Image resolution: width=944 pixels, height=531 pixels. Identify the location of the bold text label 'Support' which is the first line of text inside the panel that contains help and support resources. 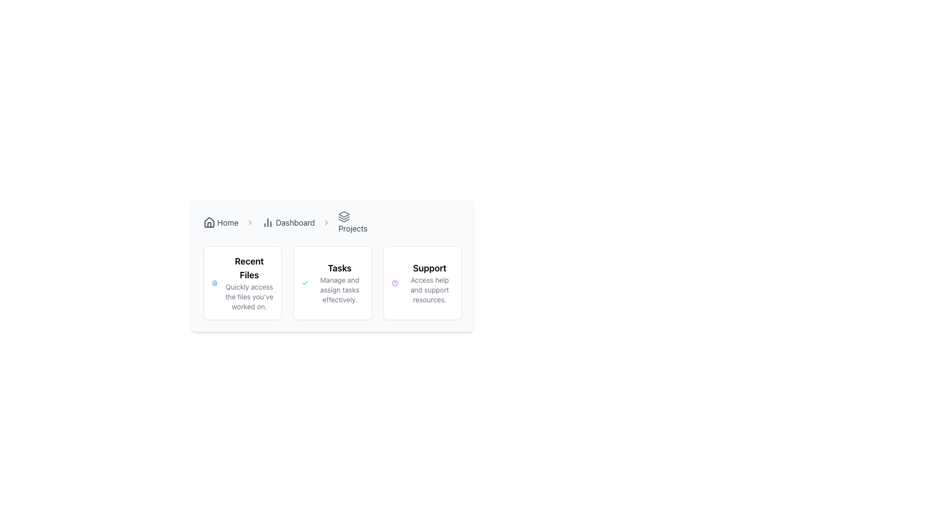
(430, 268).